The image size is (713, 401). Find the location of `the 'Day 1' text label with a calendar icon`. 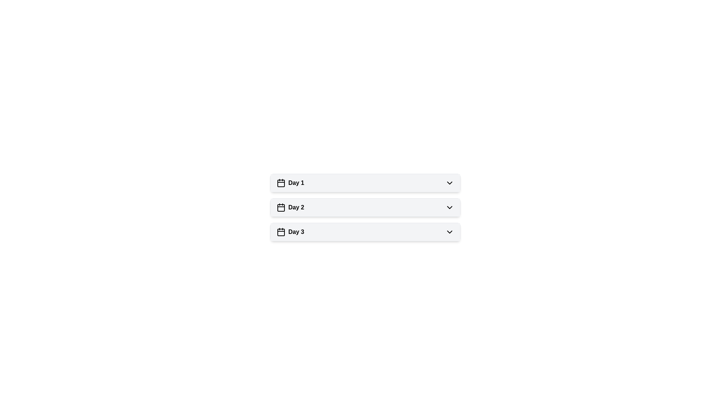

the 'Day 1' text label with a calendar icon is located at coordinates (290, 183).